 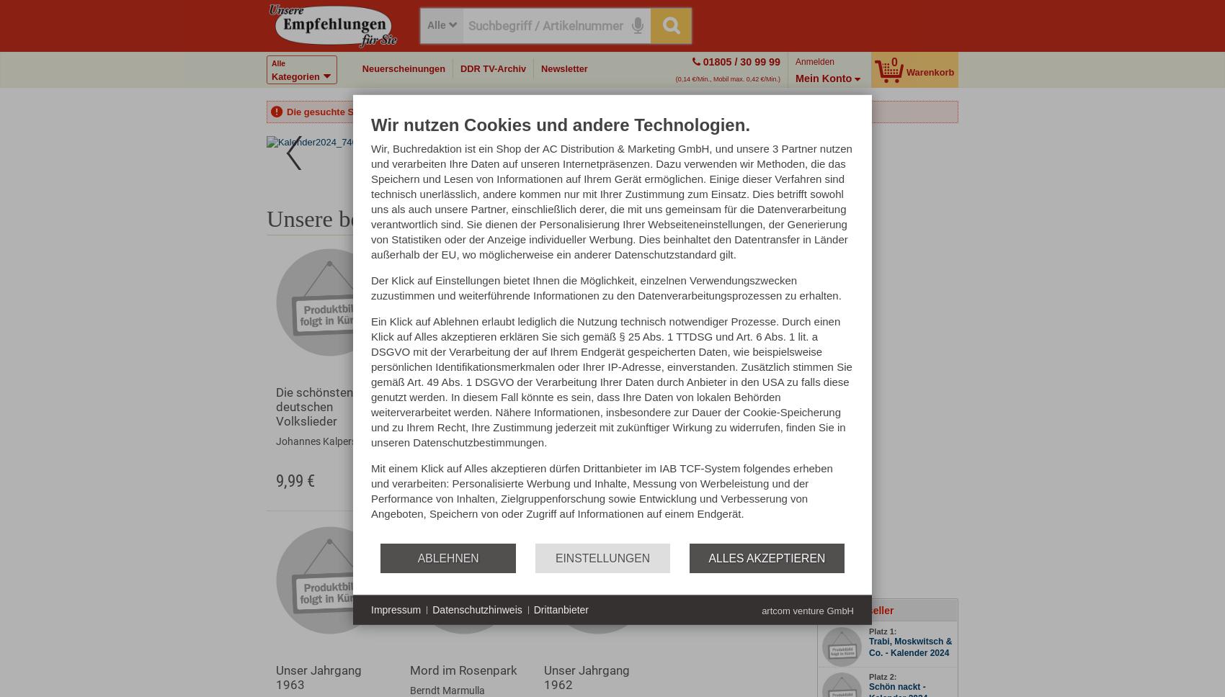 I want to click on 'DDR TV-Archiv', so click(x=493, y=68).